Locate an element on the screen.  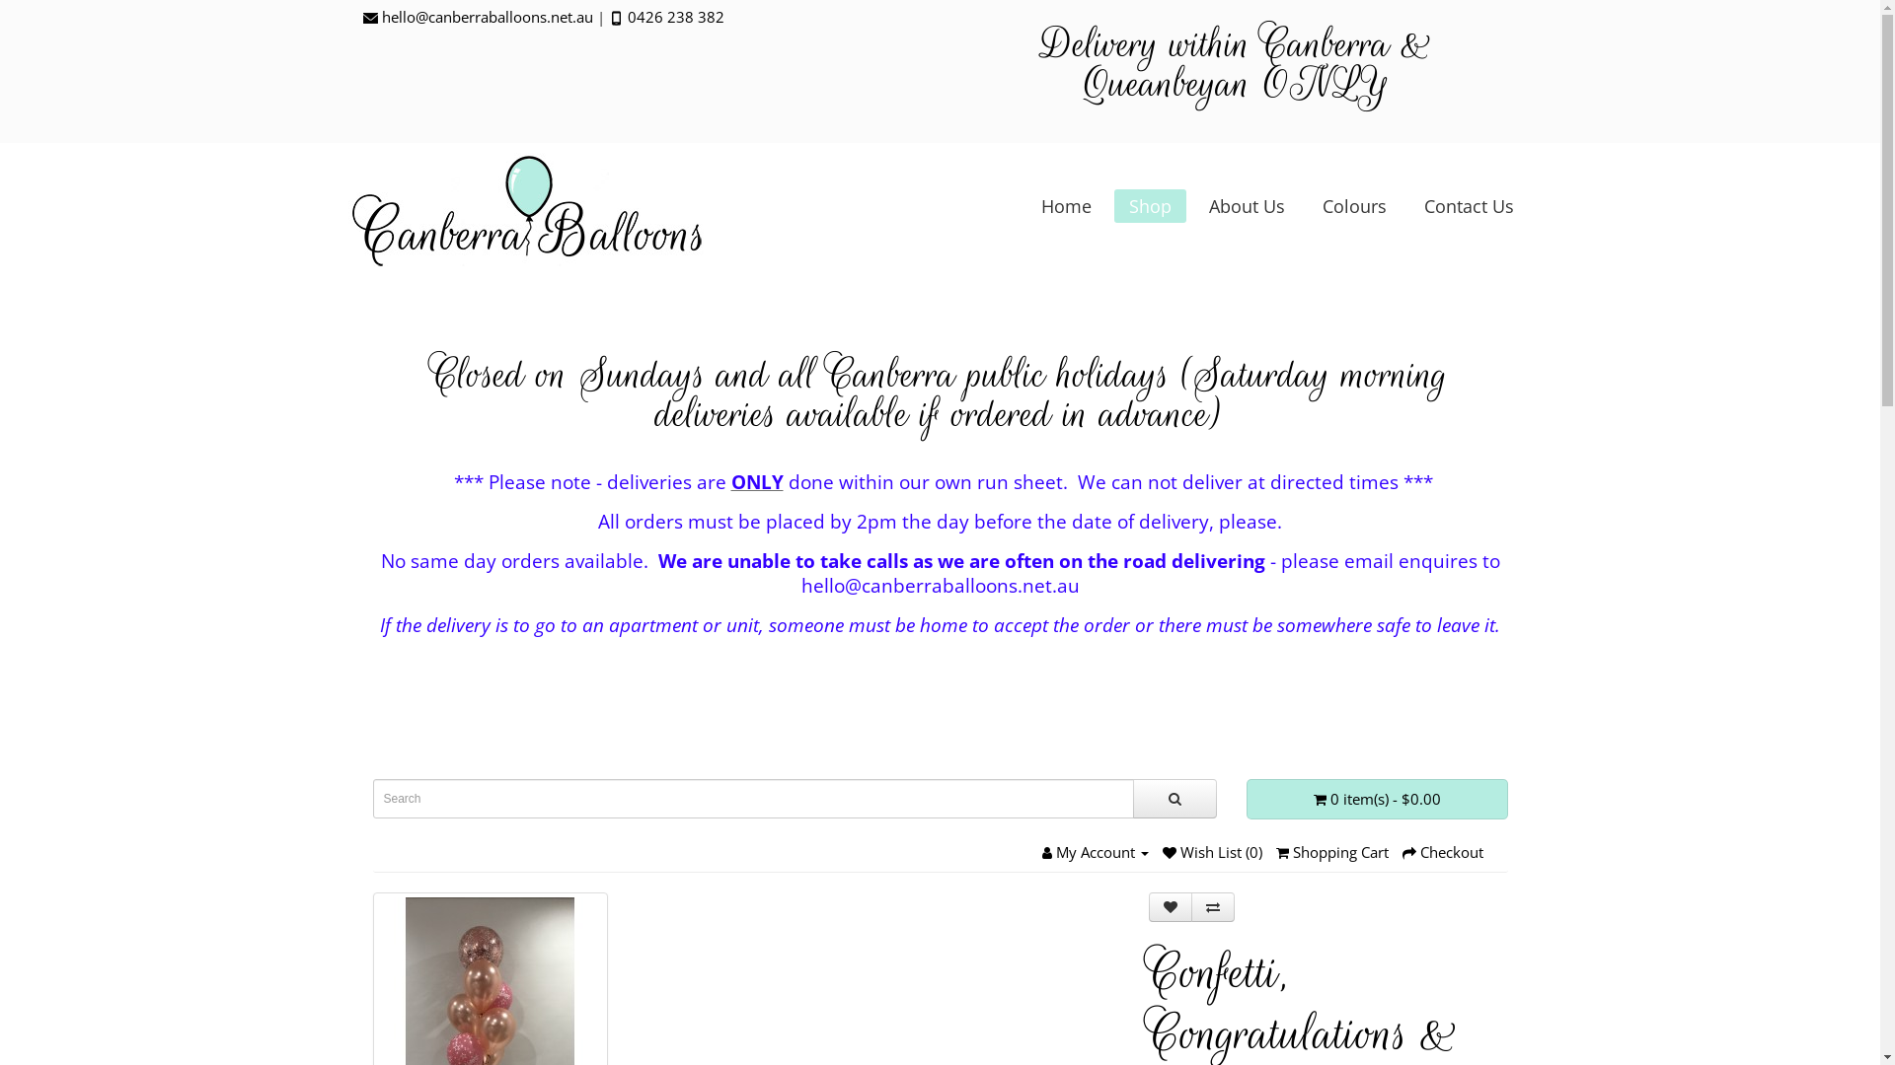
'Contact Us' is located at coordinates (1468, 205).